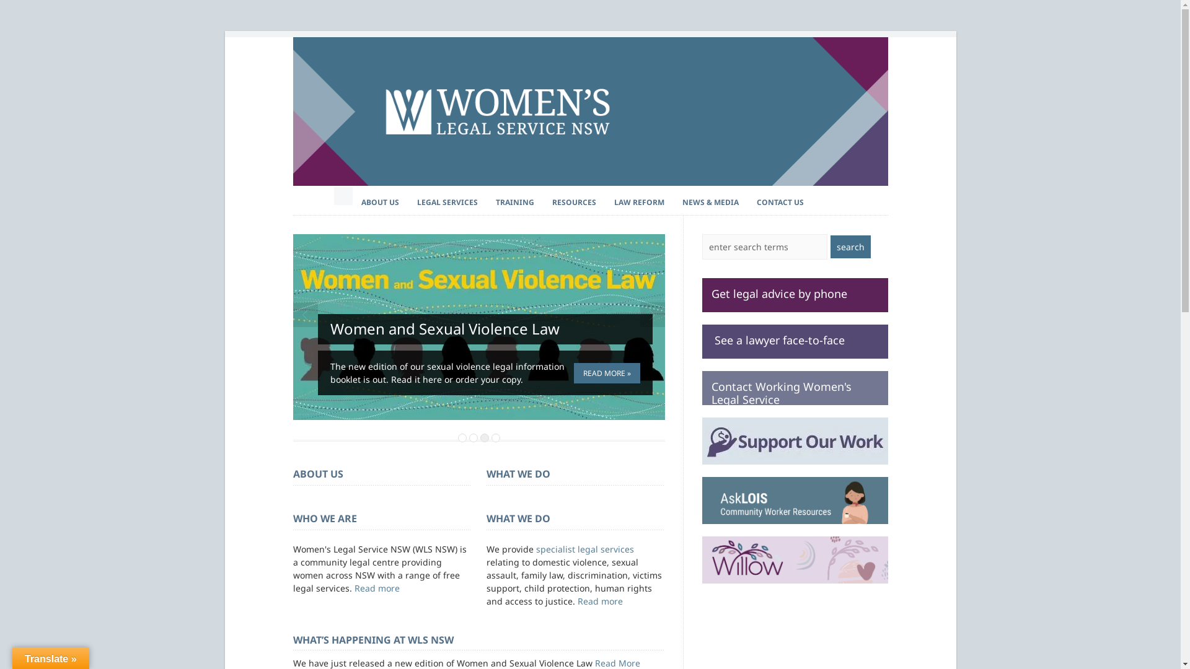  I want to click on 'Next', so click(651, 314).